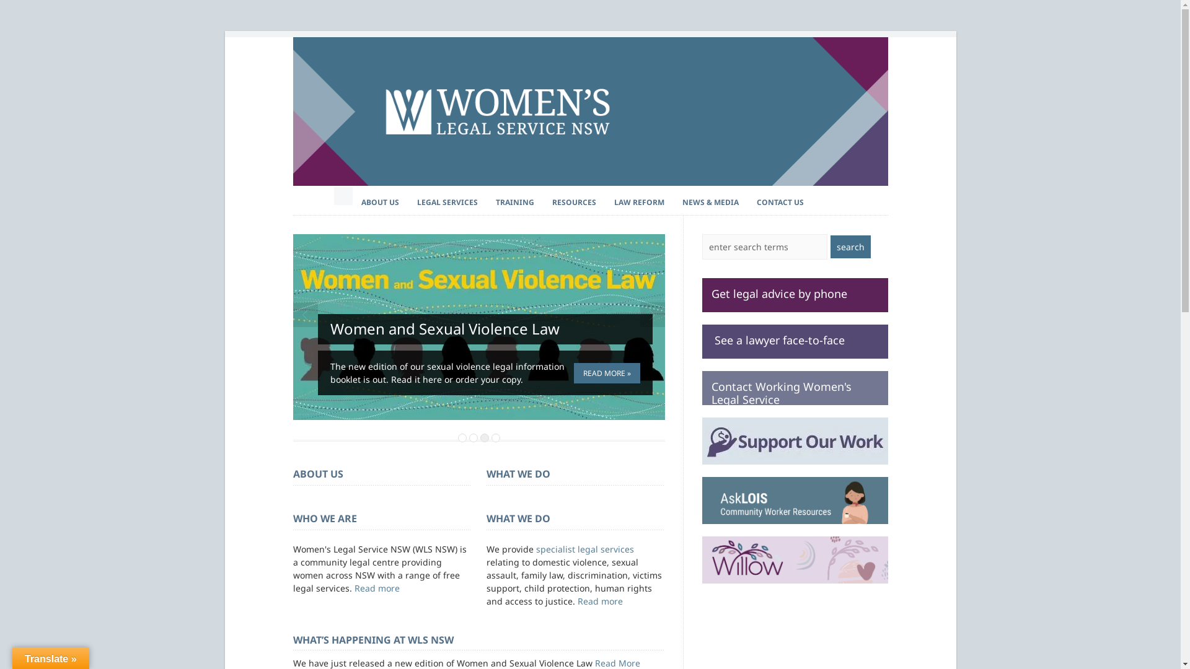  I want to click on 'Next', so click(651, 314).